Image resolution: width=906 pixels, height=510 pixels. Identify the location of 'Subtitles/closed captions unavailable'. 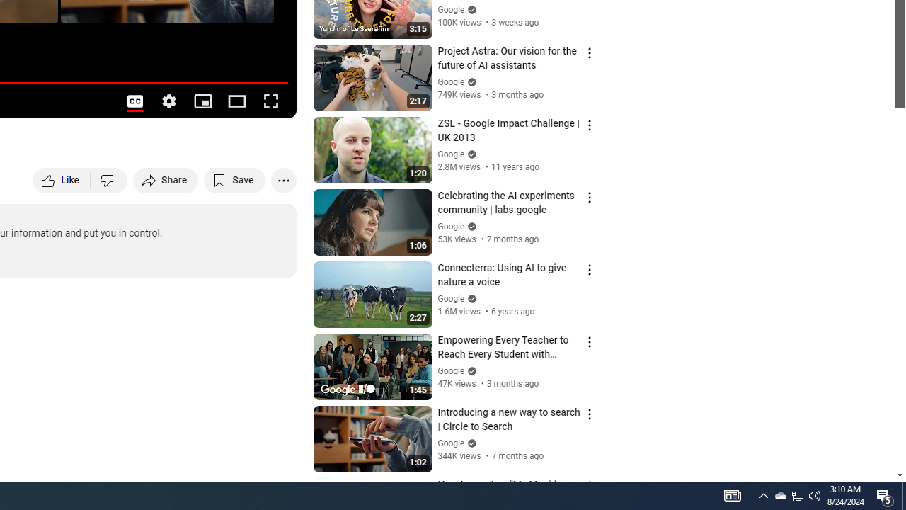
(134, 100).